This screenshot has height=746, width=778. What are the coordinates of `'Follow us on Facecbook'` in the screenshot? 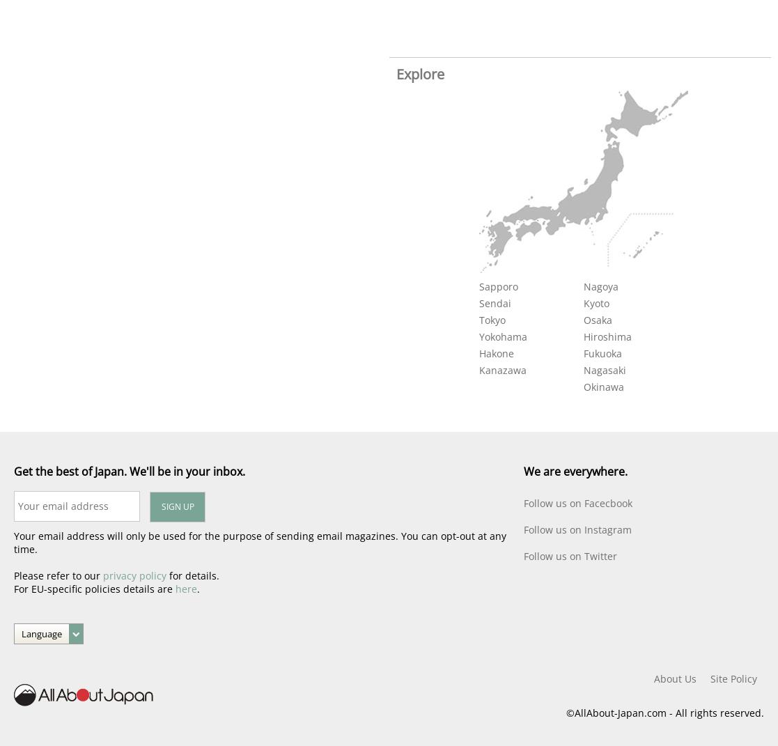 It's located at (578, 503).